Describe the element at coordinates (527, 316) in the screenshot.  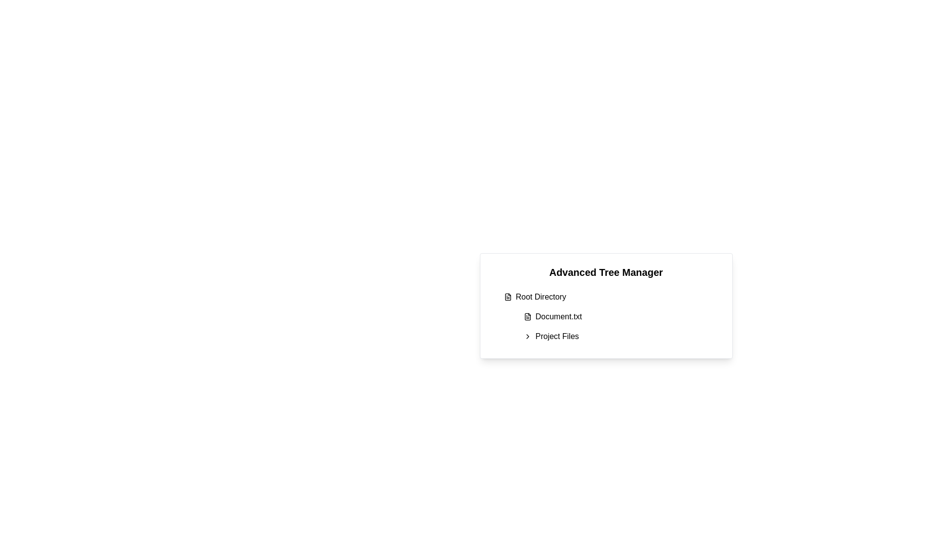
I see `the file icon representing 'Document.txt' by focusing on its visual representation in the interface` at that location.